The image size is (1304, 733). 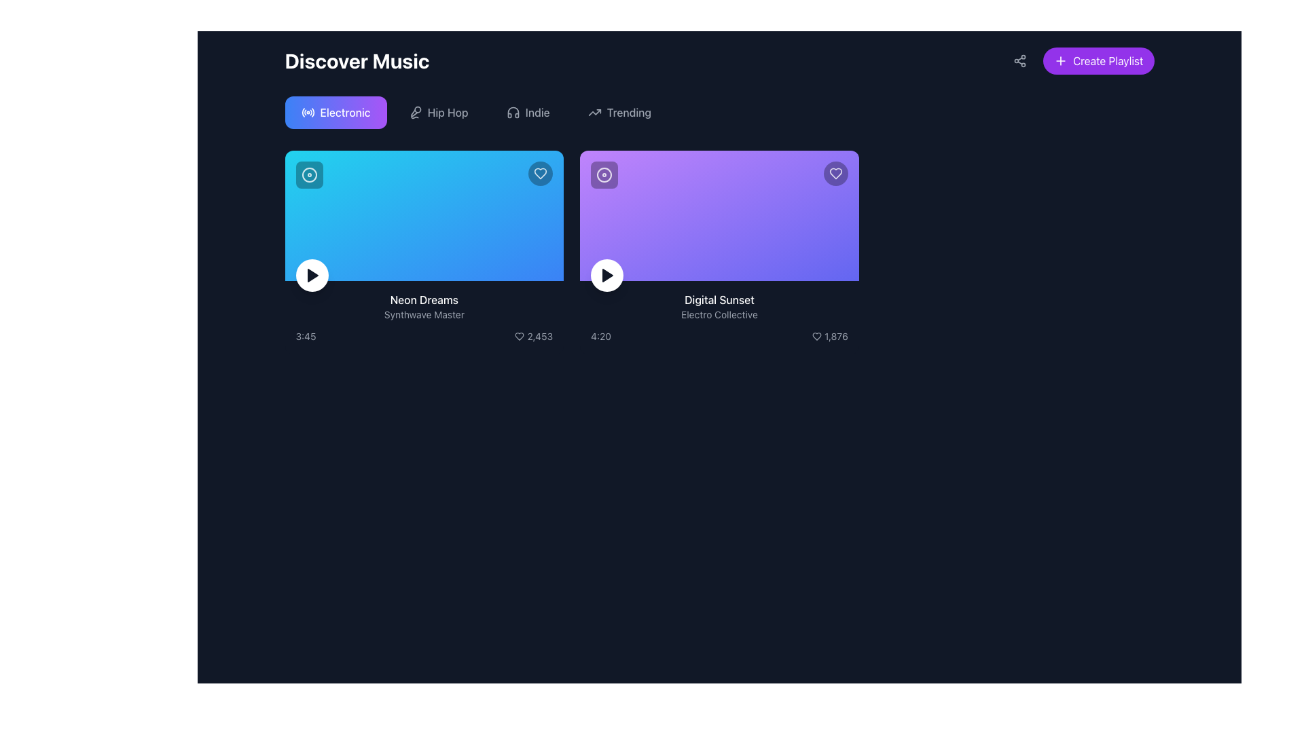 What do you see at coordinates (438, 111) in the screenshot?
I see `the 'Hip Hop' button` at bounding box center [438, 111].